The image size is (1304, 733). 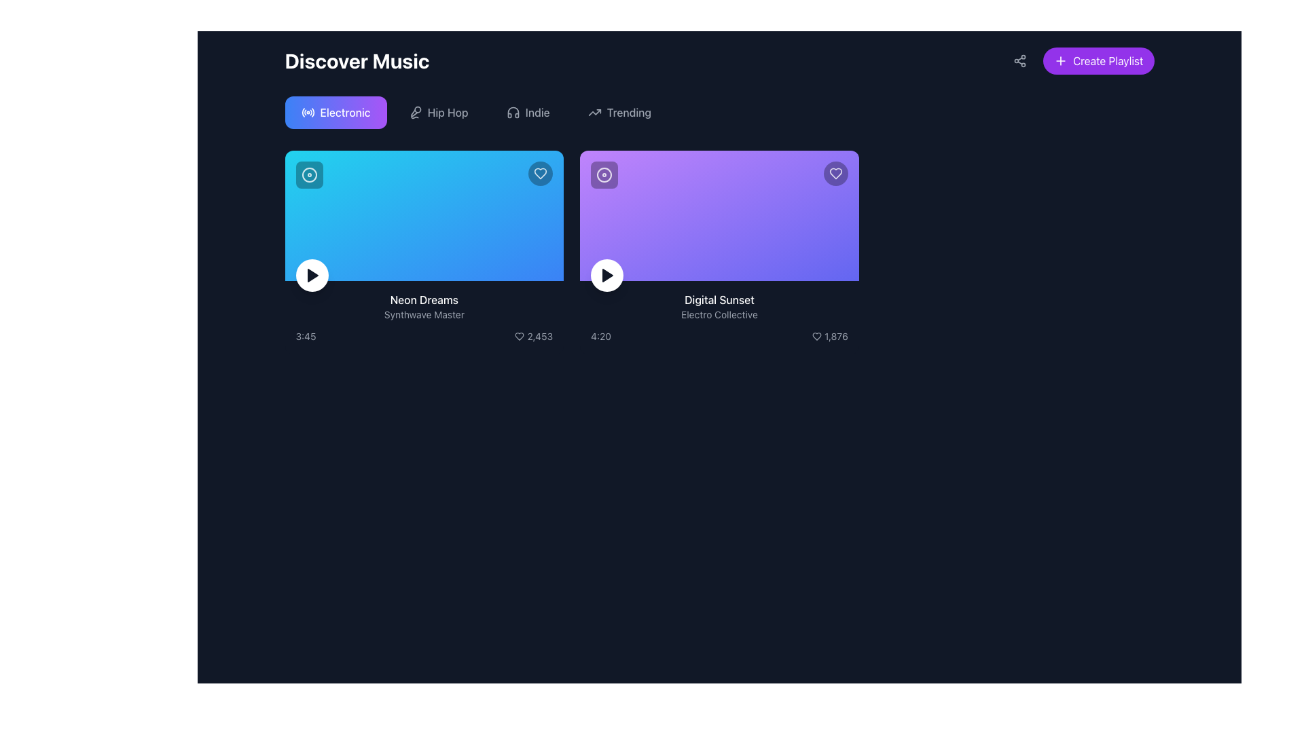 What do you see at coordinates (438, 111) in the screenshot?
I see `the 'Hip Hop' button` at bounding box center [438, 111].